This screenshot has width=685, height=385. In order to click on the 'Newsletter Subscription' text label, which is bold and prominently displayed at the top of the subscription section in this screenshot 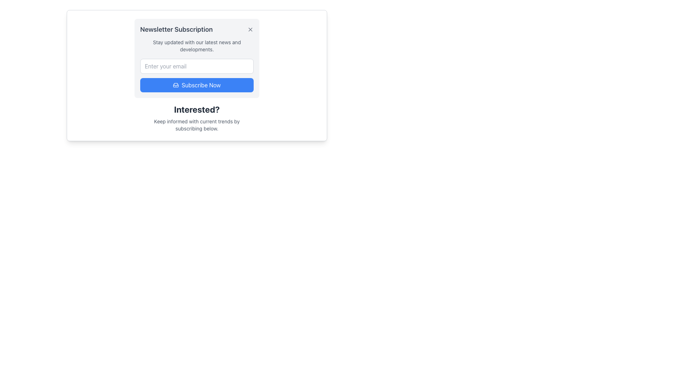, I will do `click(176, 29)`.